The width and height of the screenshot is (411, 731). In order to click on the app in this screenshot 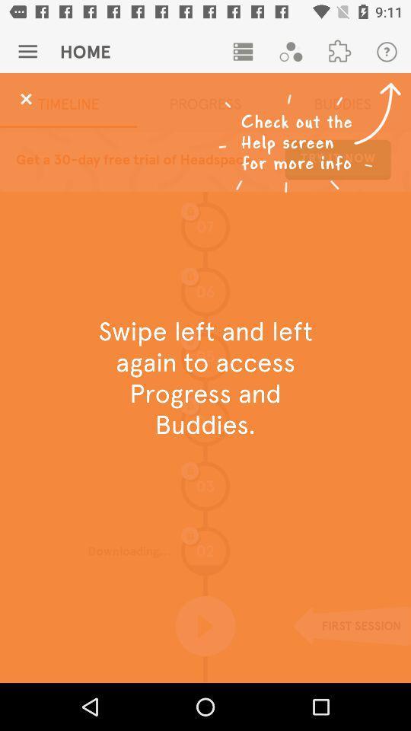, I will do `click(25, 98)`.